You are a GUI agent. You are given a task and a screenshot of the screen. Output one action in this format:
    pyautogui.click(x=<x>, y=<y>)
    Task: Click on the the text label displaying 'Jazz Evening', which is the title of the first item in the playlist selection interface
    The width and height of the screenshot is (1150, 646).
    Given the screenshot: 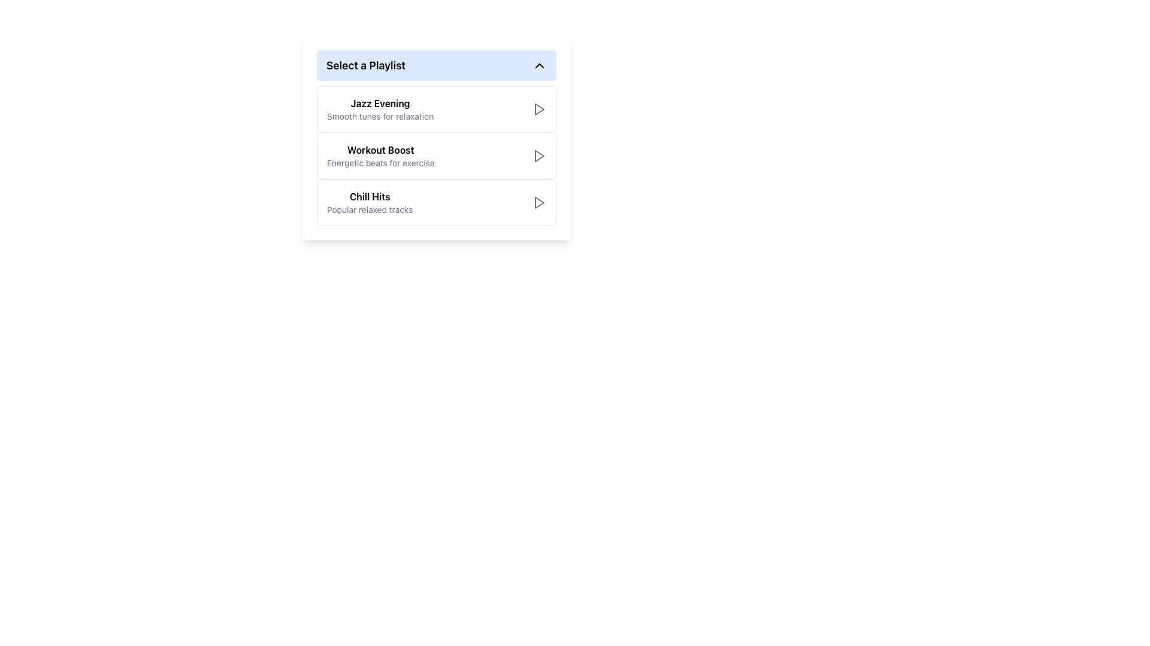 What is the action you would take?
    pyautogui.click(x=380, y=103)
    